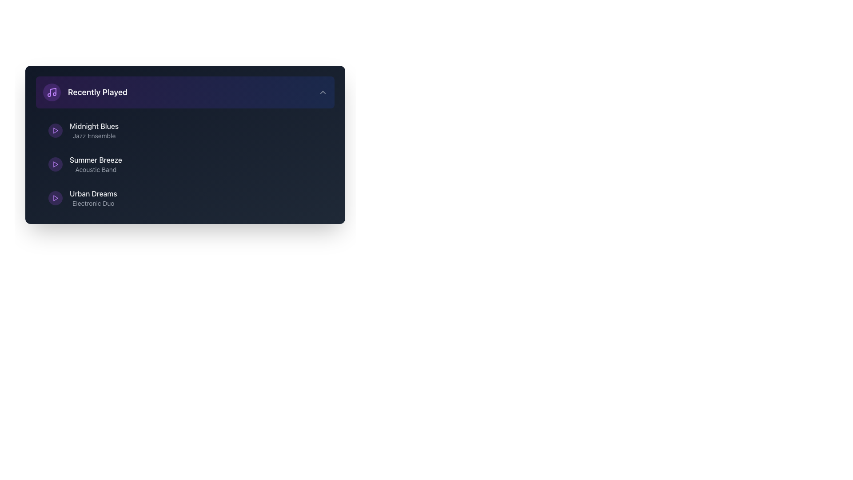 The image size is (853, 480). I want to click on text content of the 'Summer Breeze' label, which is displayed in bold light gray font on a dark background, located in the 'Recently Played' section as the main title for the second list item, so click(96, 159).